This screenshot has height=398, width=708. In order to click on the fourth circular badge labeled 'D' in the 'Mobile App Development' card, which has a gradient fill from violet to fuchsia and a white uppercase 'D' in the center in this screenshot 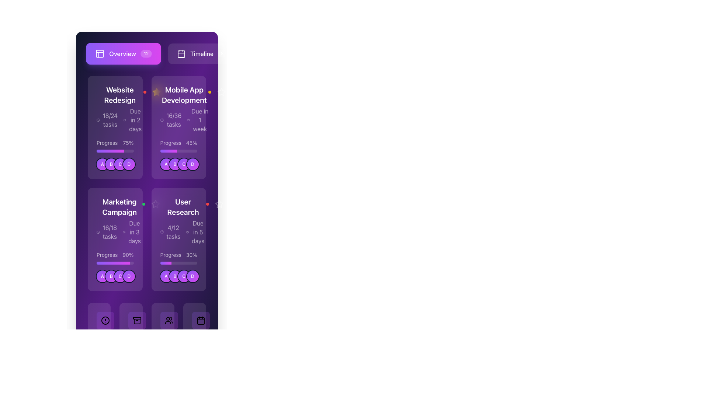, I will do `click(192, 164)`.